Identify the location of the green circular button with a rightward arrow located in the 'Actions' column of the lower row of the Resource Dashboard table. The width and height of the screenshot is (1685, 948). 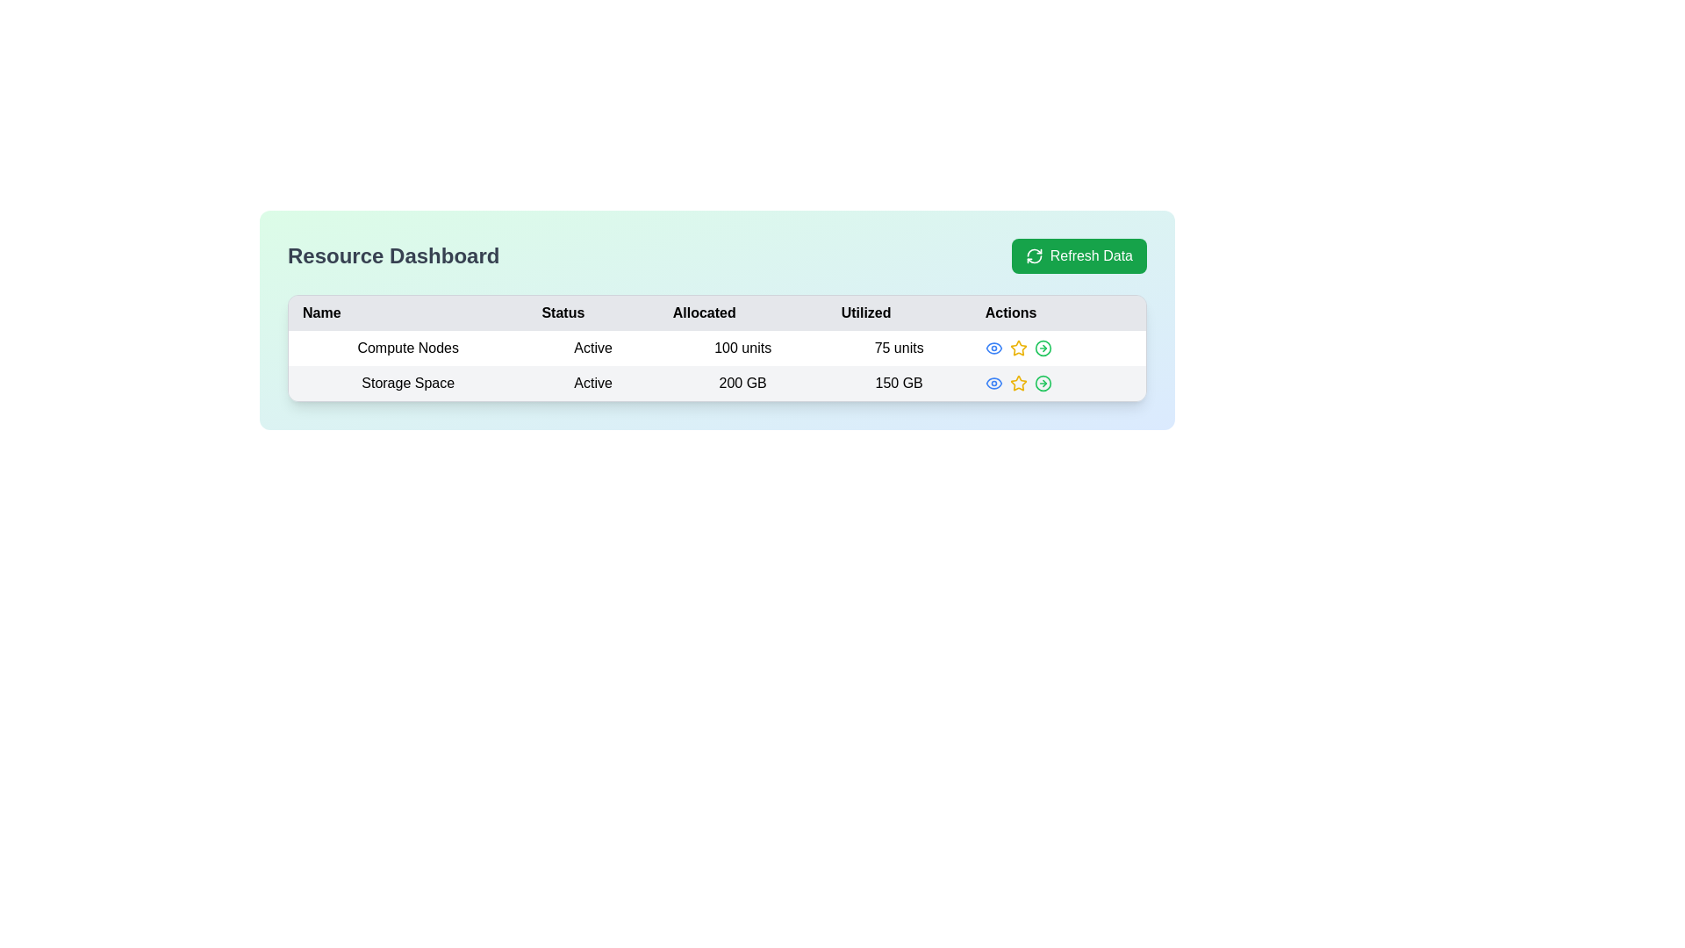
(1043, 382).